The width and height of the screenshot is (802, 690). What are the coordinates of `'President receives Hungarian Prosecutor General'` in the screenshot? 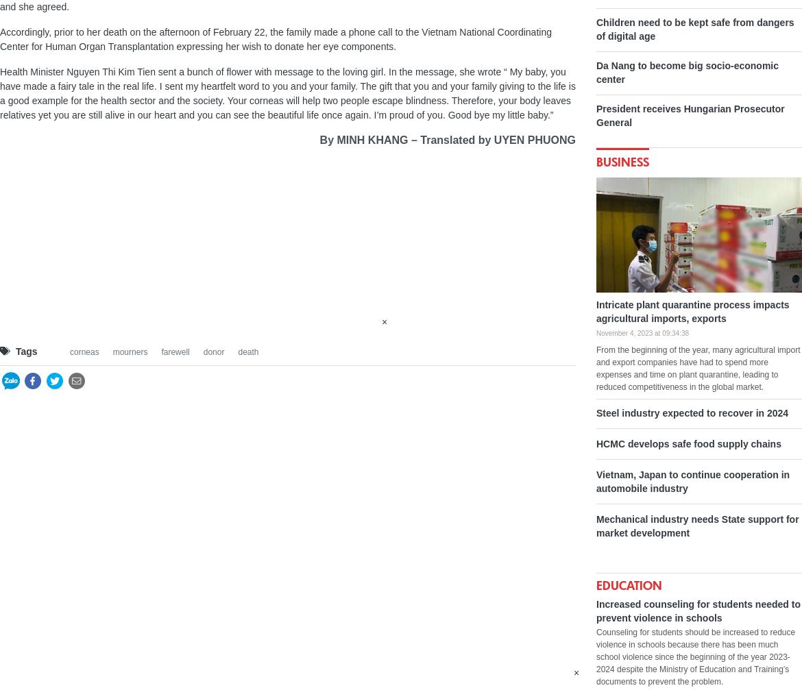 It's located at (690, 115).